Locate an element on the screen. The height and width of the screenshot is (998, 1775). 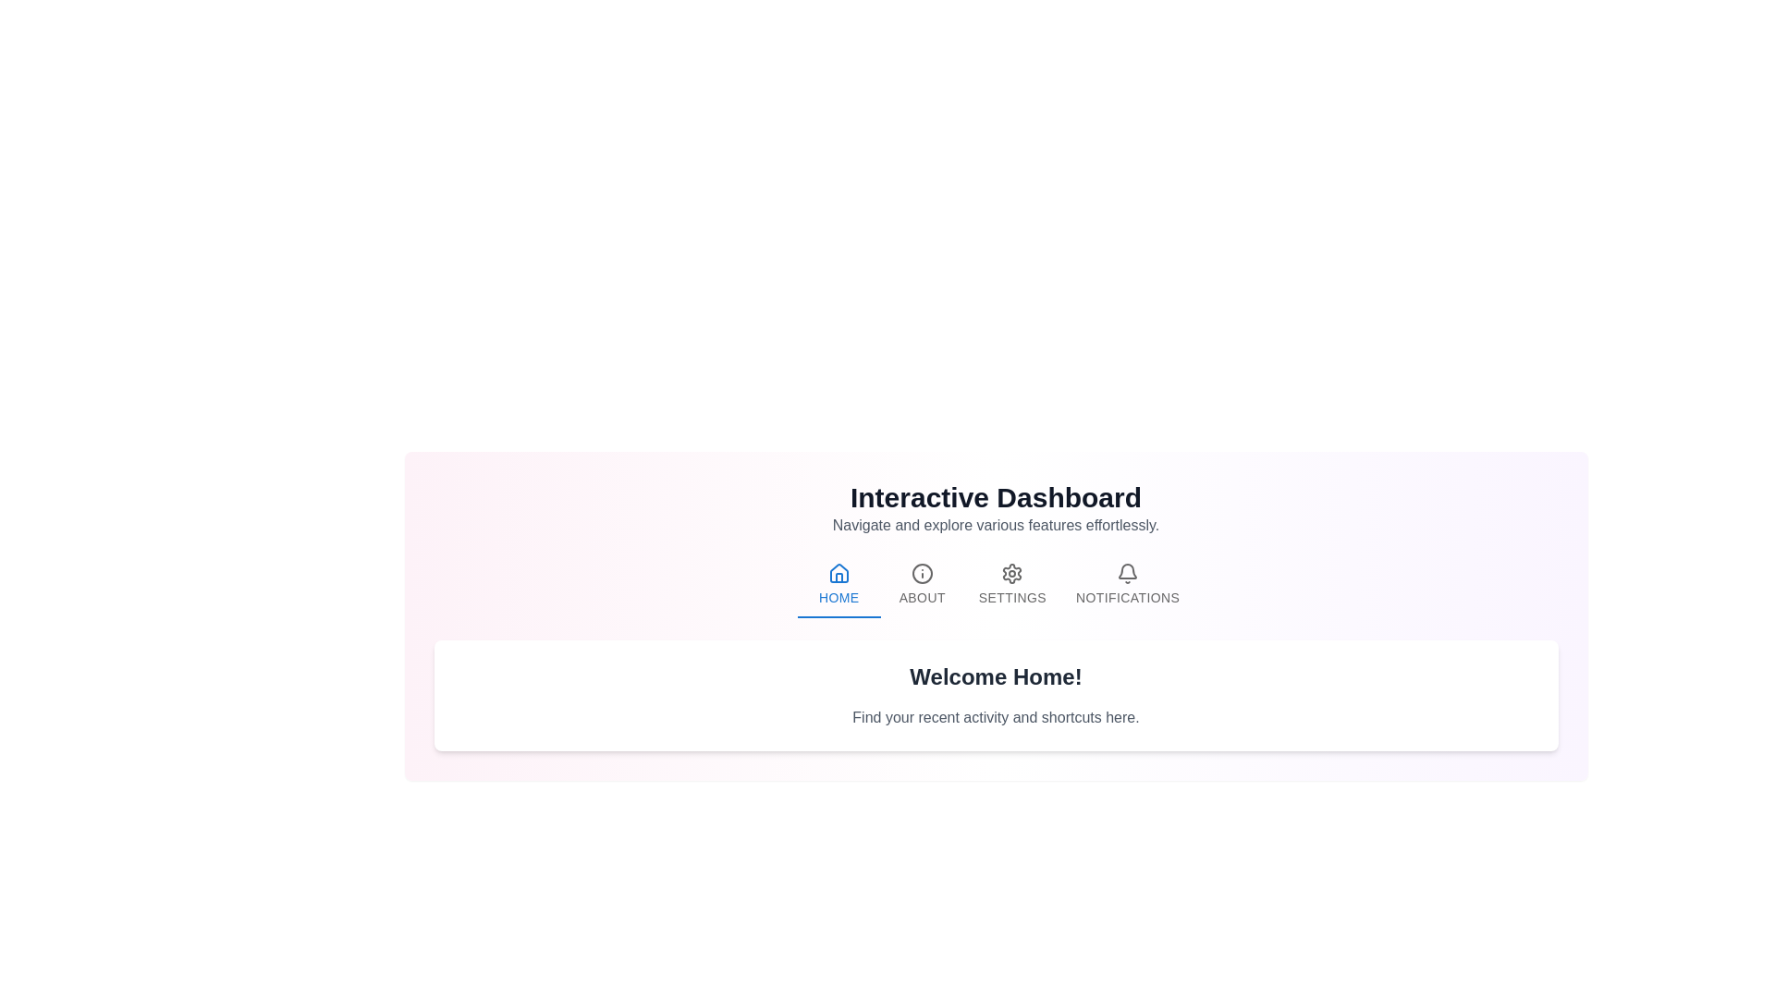
the SVG circle element that is part of the 'ABOUT' icon in the horizontal navigation bar below the title 'Interactive Dashboard' is located at coordinates (922, 573).